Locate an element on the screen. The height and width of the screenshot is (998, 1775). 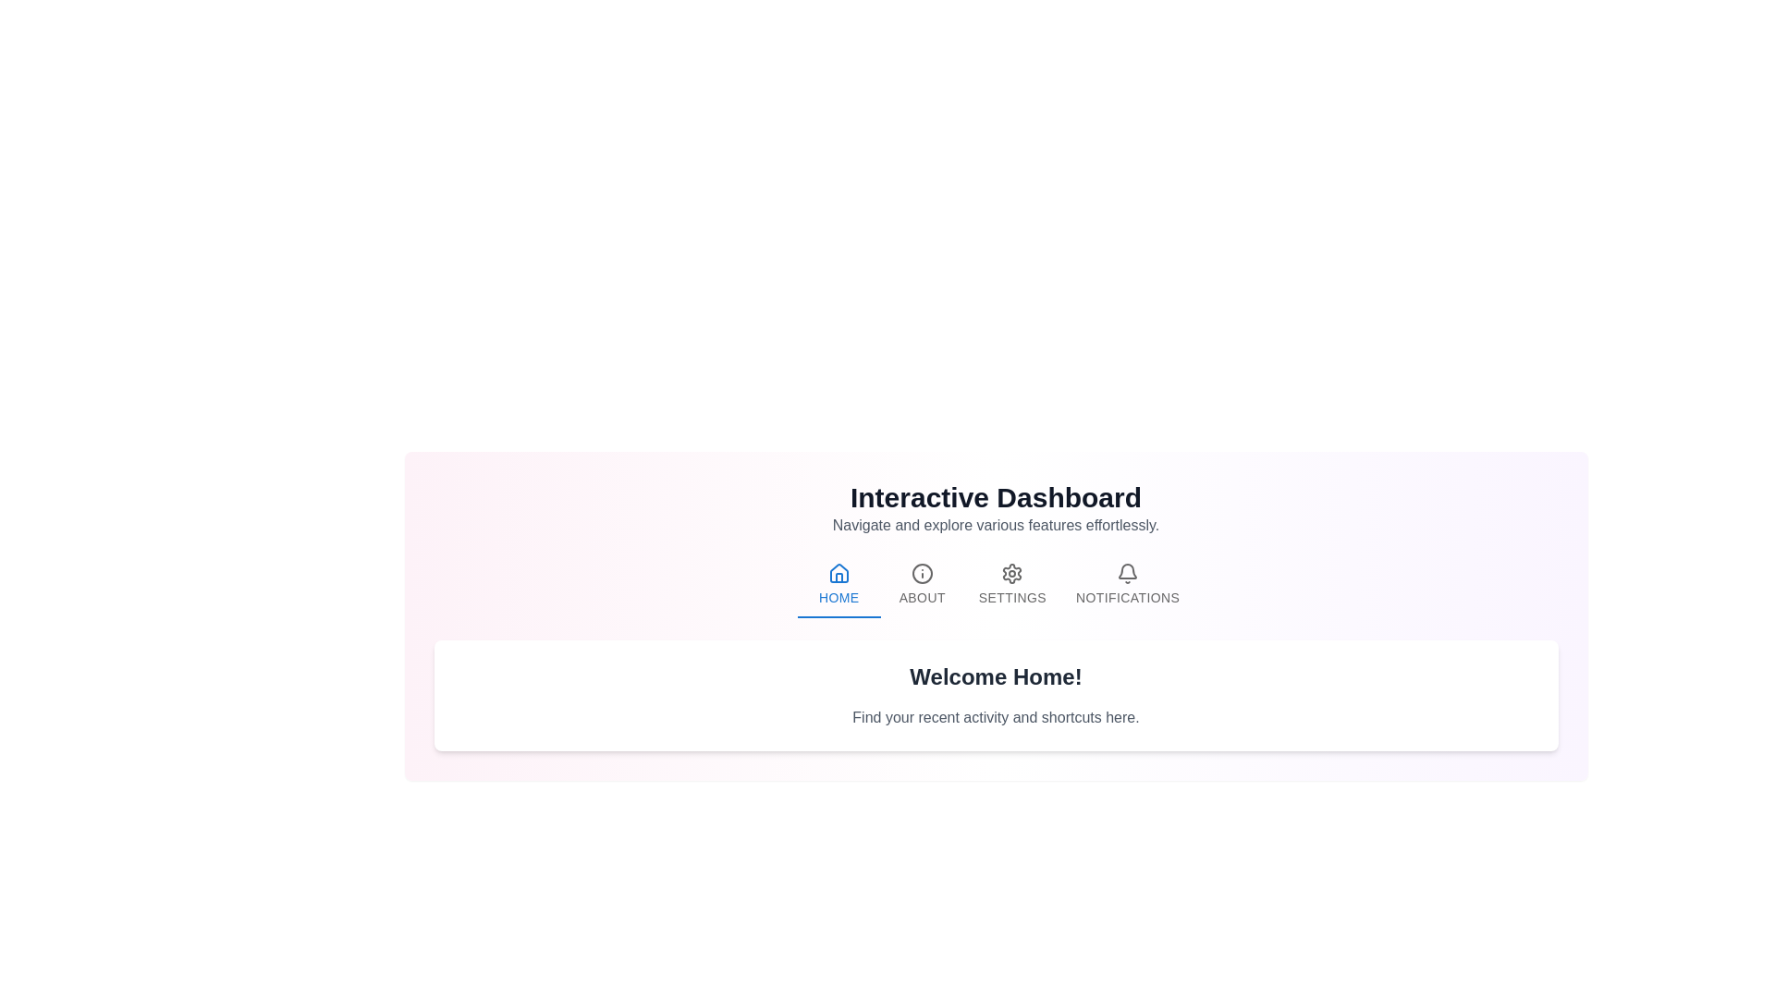
the SVG circle element that is part of the 'ABOUT' icon in the horizontal navigation bar below the title 'Interactive Dashboard' is located at coordinates (922, 573).